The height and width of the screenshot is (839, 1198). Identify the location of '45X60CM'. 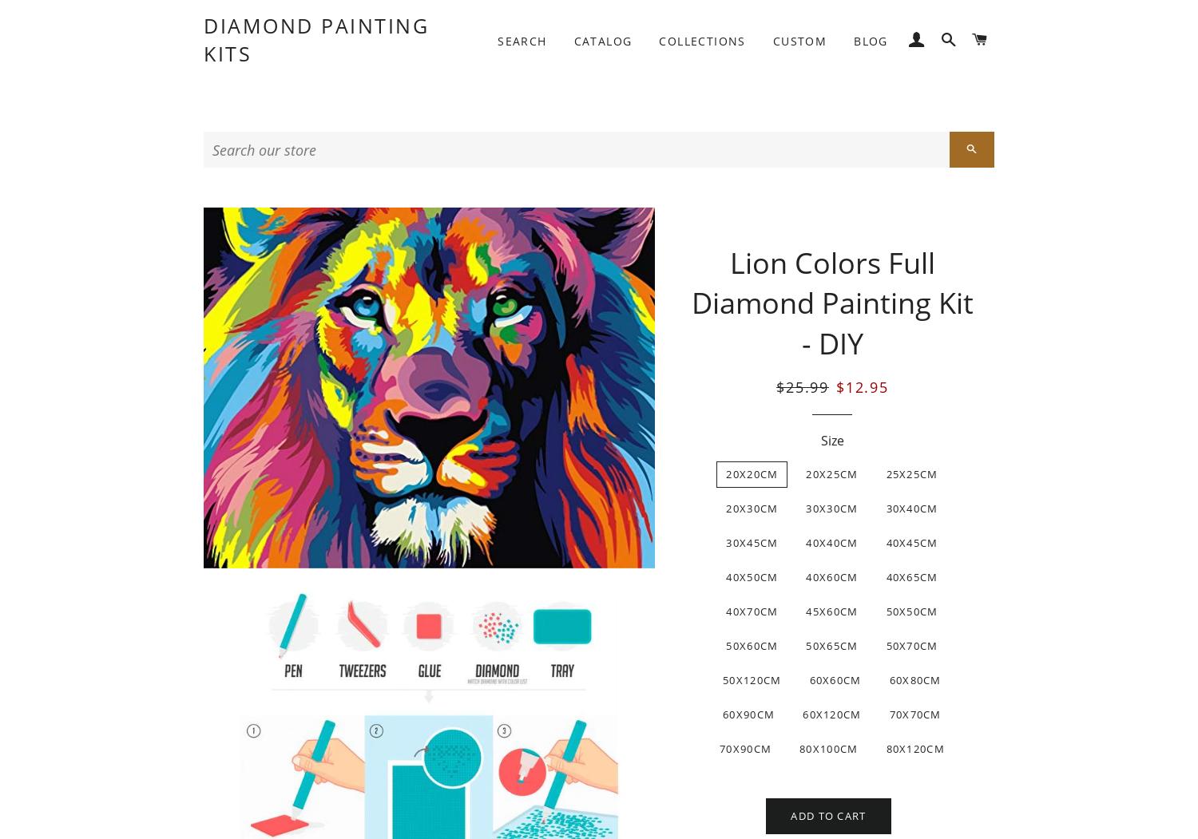
(831, 611).